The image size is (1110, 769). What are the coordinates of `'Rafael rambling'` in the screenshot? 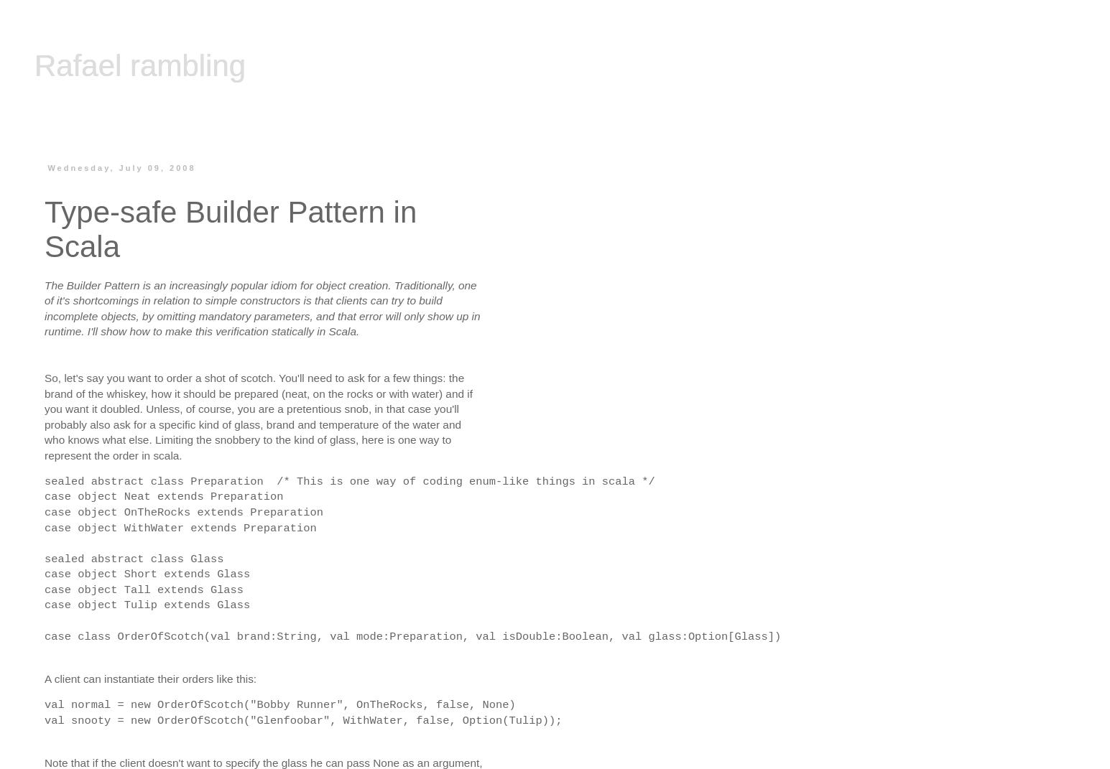 It's located at (34, 65).